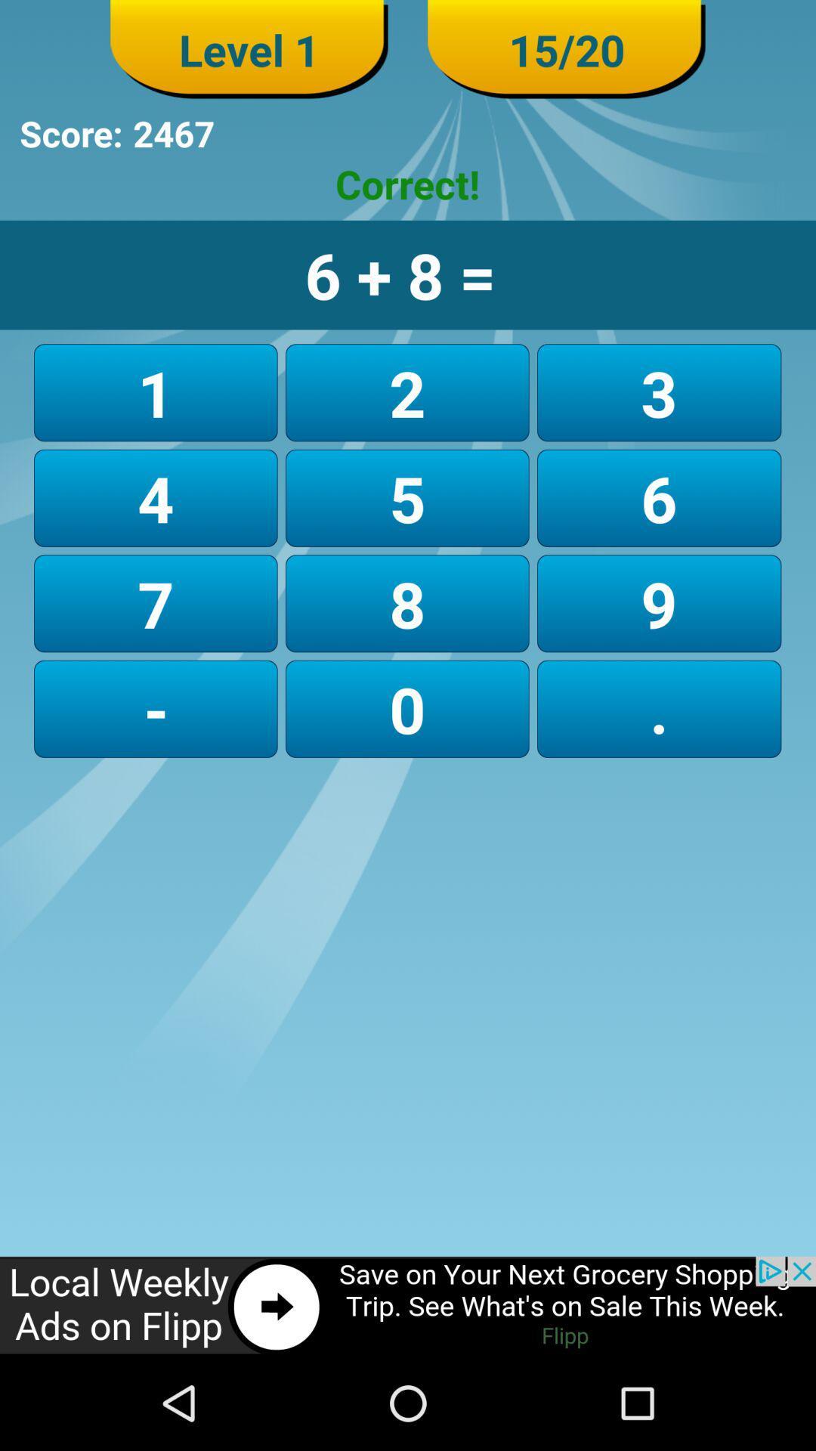 The image size is (816, 1451). What do you see at coordinates (658, 392) in the screenshot?
I see `3 icon` at bounding box center [658, 392].